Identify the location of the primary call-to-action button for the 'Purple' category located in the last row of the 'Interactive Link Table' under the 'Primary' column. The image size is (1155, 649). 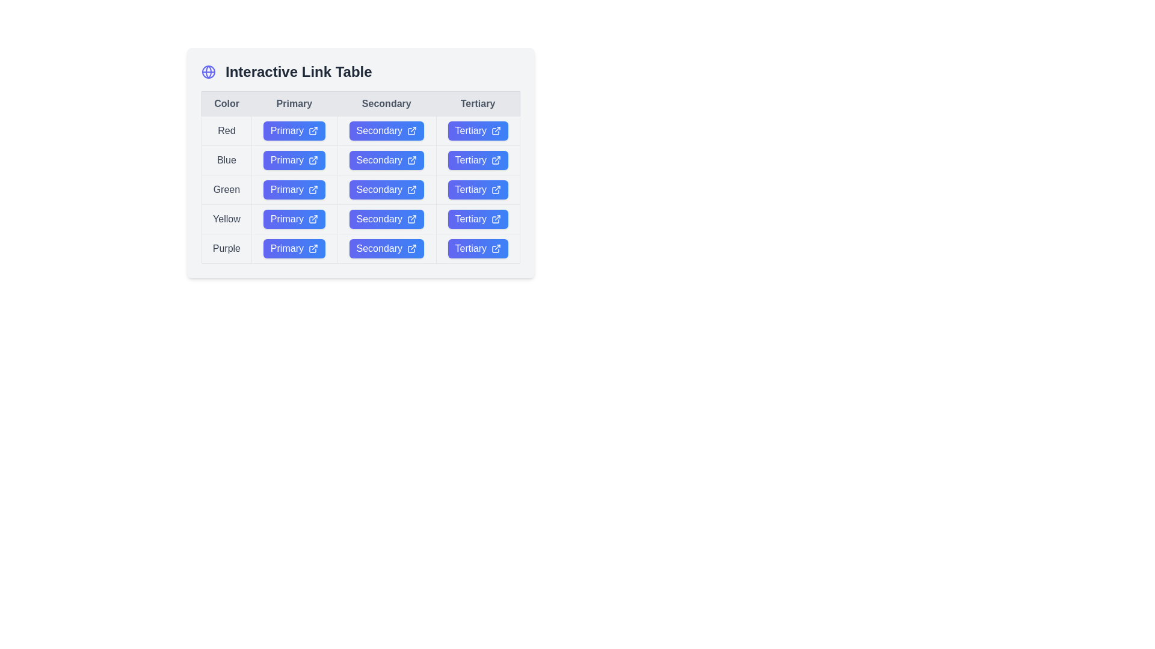
(294, 248).